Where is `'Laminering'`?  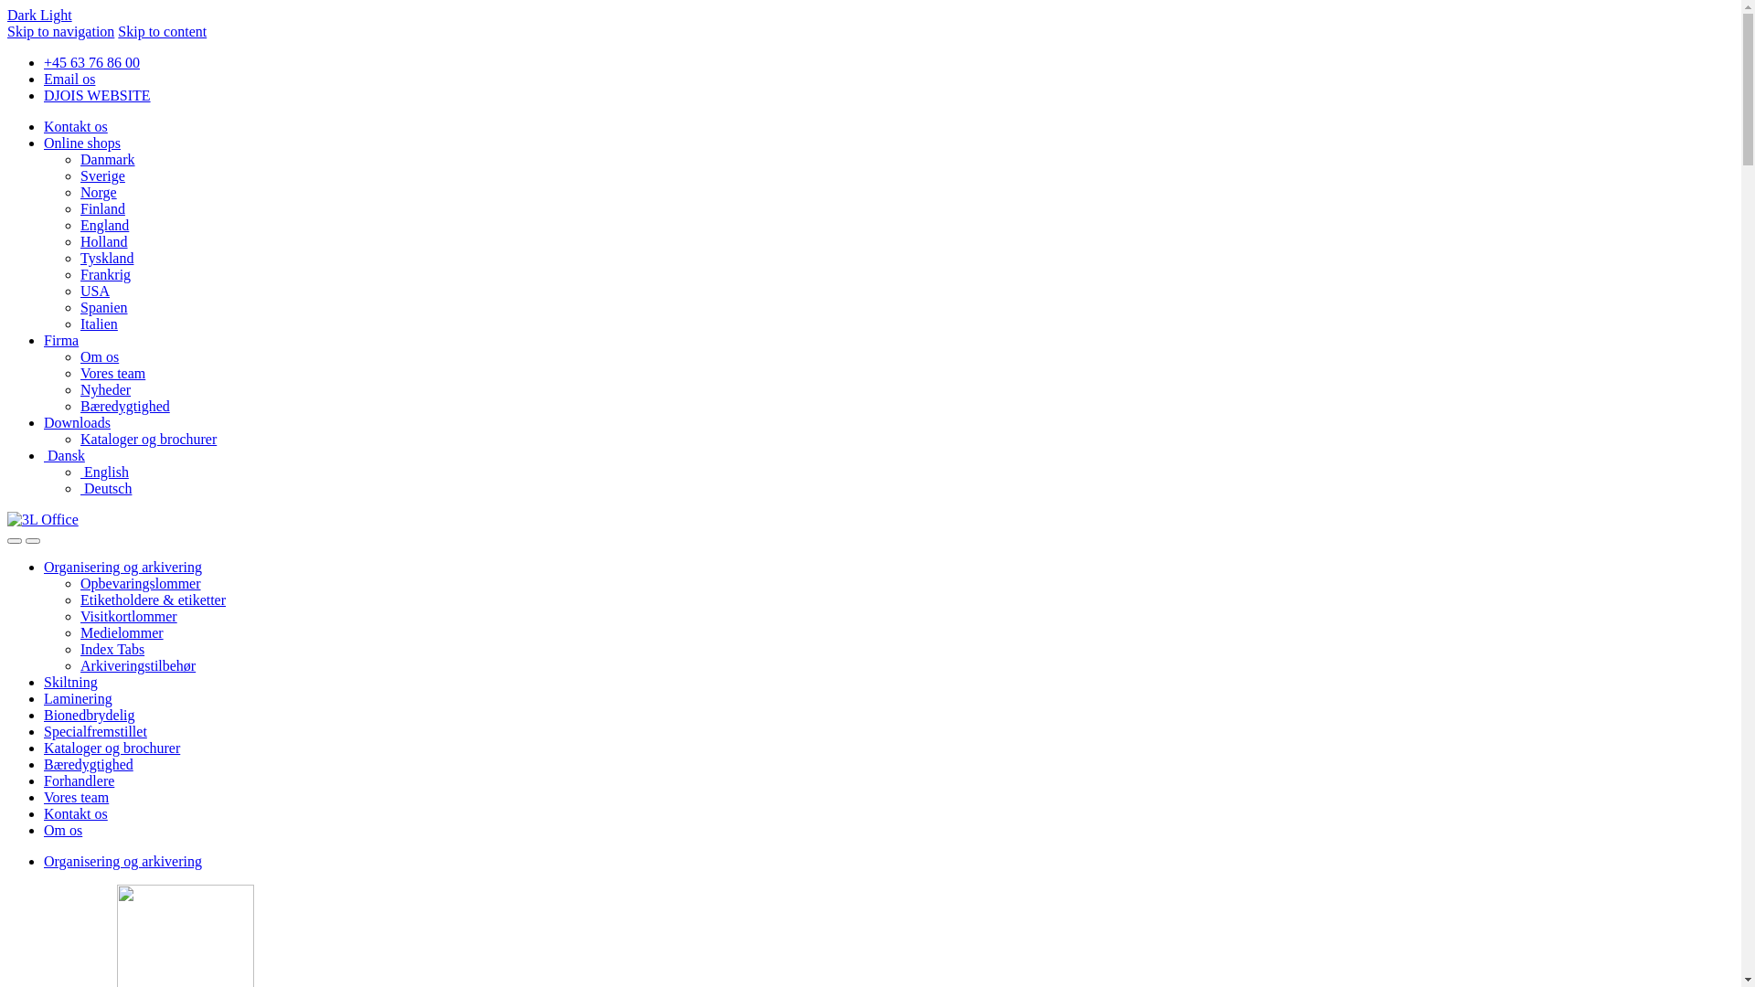
'Laminering' is located at coordinates (77, 698).